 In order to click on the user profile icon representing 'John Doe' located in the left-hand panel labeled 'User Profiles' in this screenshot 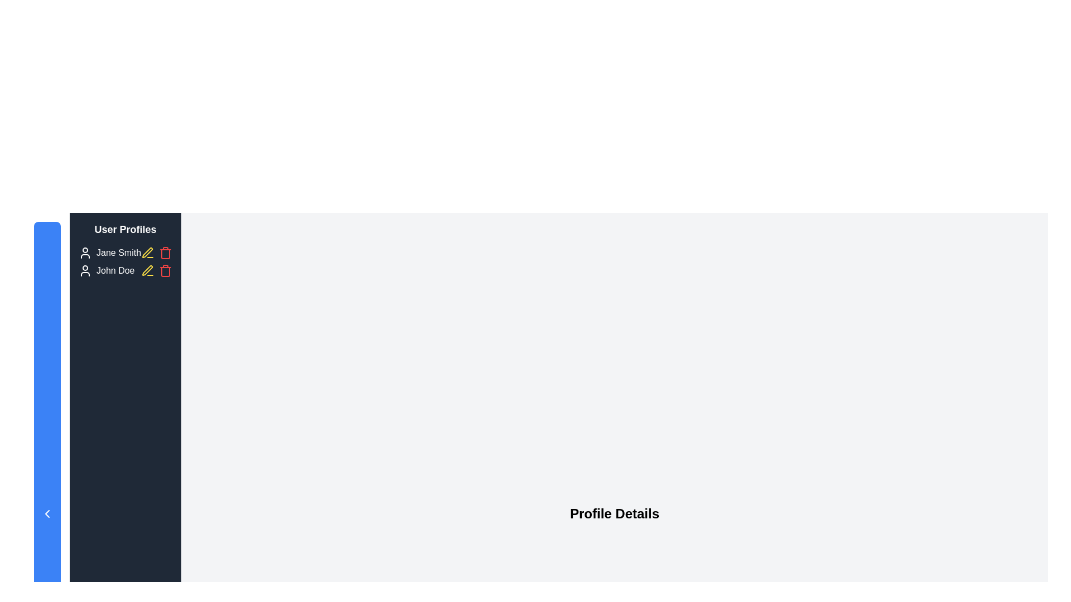, I will do `click(85, 271)`.